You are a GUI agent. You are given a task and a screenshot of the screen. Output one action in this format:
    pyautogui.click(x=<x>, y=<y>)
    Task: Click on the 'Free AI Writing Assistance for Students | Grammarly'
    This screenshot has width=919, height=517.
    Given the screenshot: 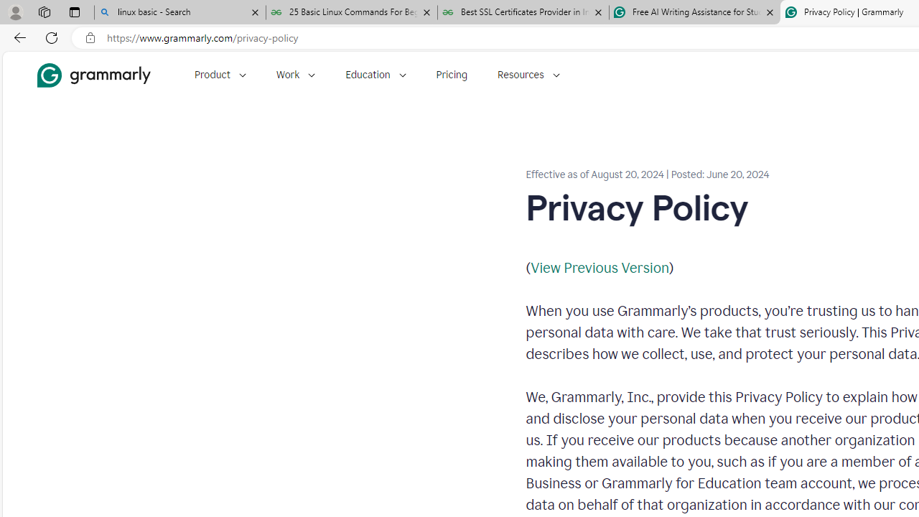 What is the action you would take?
    pyautogui.click(x=694, y=12)
    